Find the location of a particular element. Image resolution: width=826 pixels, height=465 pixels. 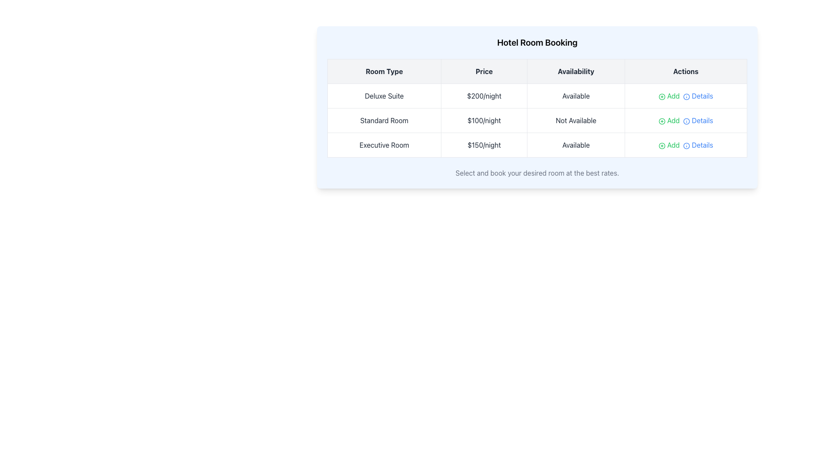

the text display element indicating the room type name for the third room offering in the table, which serves as a label or heading is located at coordinates (384, 144).